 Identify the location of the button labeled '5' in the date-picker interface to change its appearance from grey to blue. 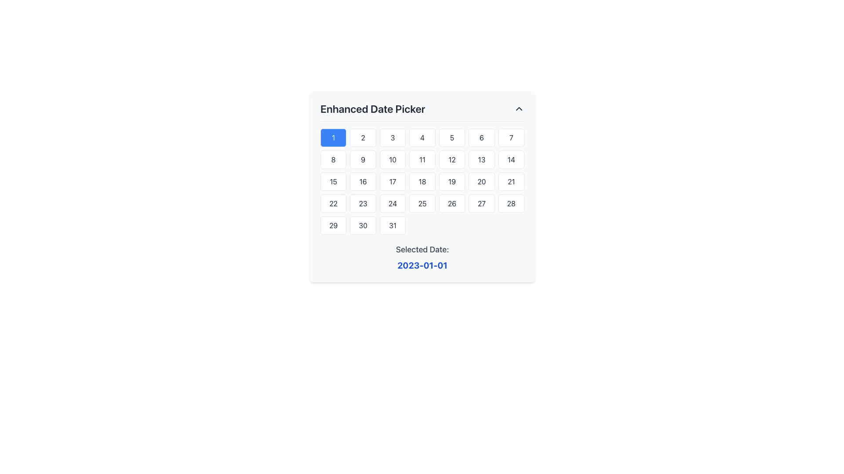
(452, 137).